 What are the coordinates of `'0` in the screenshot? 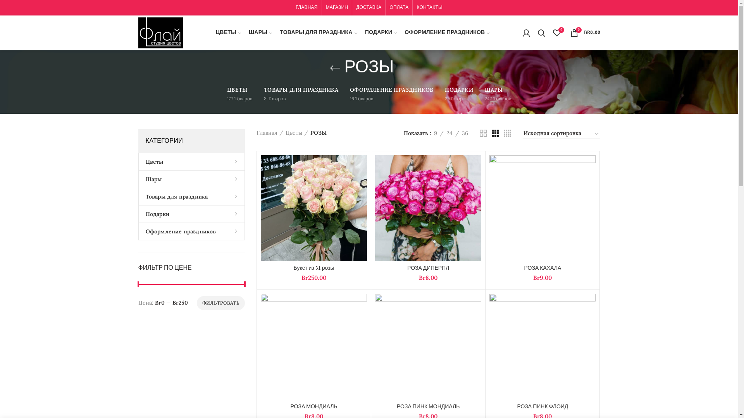 It's located at (585, 32).